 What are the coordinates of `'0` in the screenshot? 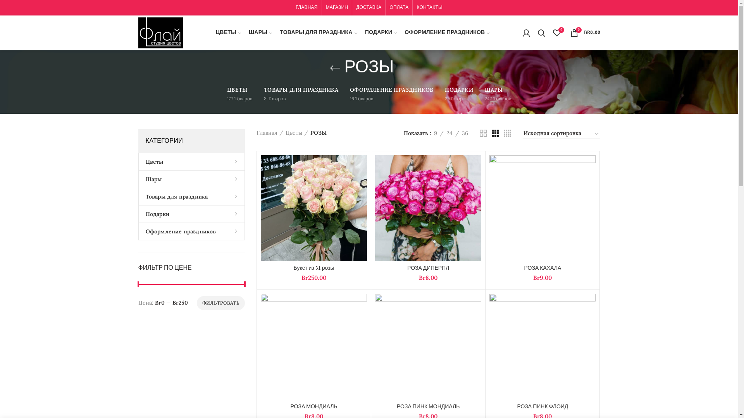 It's located at (585, 32).